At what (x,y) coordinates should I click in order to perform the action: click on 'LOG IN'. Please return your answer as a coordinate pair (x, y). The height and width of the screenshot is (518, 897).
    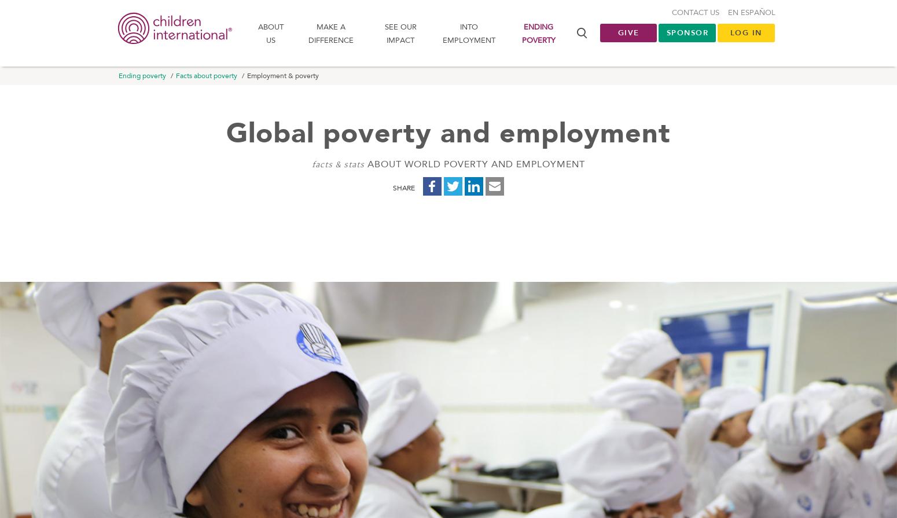
    Looking at the image, I should click on (745, 35).